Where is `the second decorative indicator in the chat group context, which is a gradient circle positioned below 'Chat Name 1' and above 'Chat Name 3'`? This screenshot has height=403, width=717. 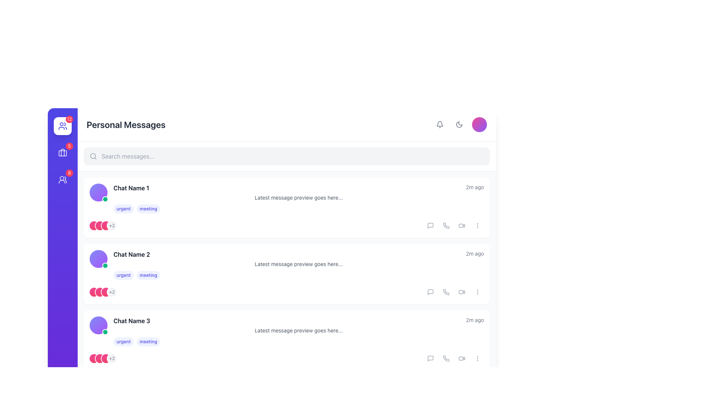
the second decorative indicator in the chat group context, which is a gradient circle positioned below 'Chat Name 1' and above 'Chat Name 3' is located at coordinates (100, 292).